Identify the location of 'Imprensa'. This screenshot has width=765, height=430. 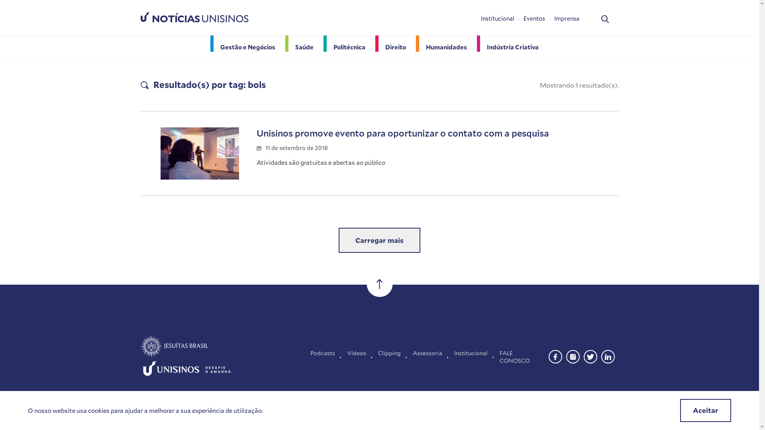
(566, 18).